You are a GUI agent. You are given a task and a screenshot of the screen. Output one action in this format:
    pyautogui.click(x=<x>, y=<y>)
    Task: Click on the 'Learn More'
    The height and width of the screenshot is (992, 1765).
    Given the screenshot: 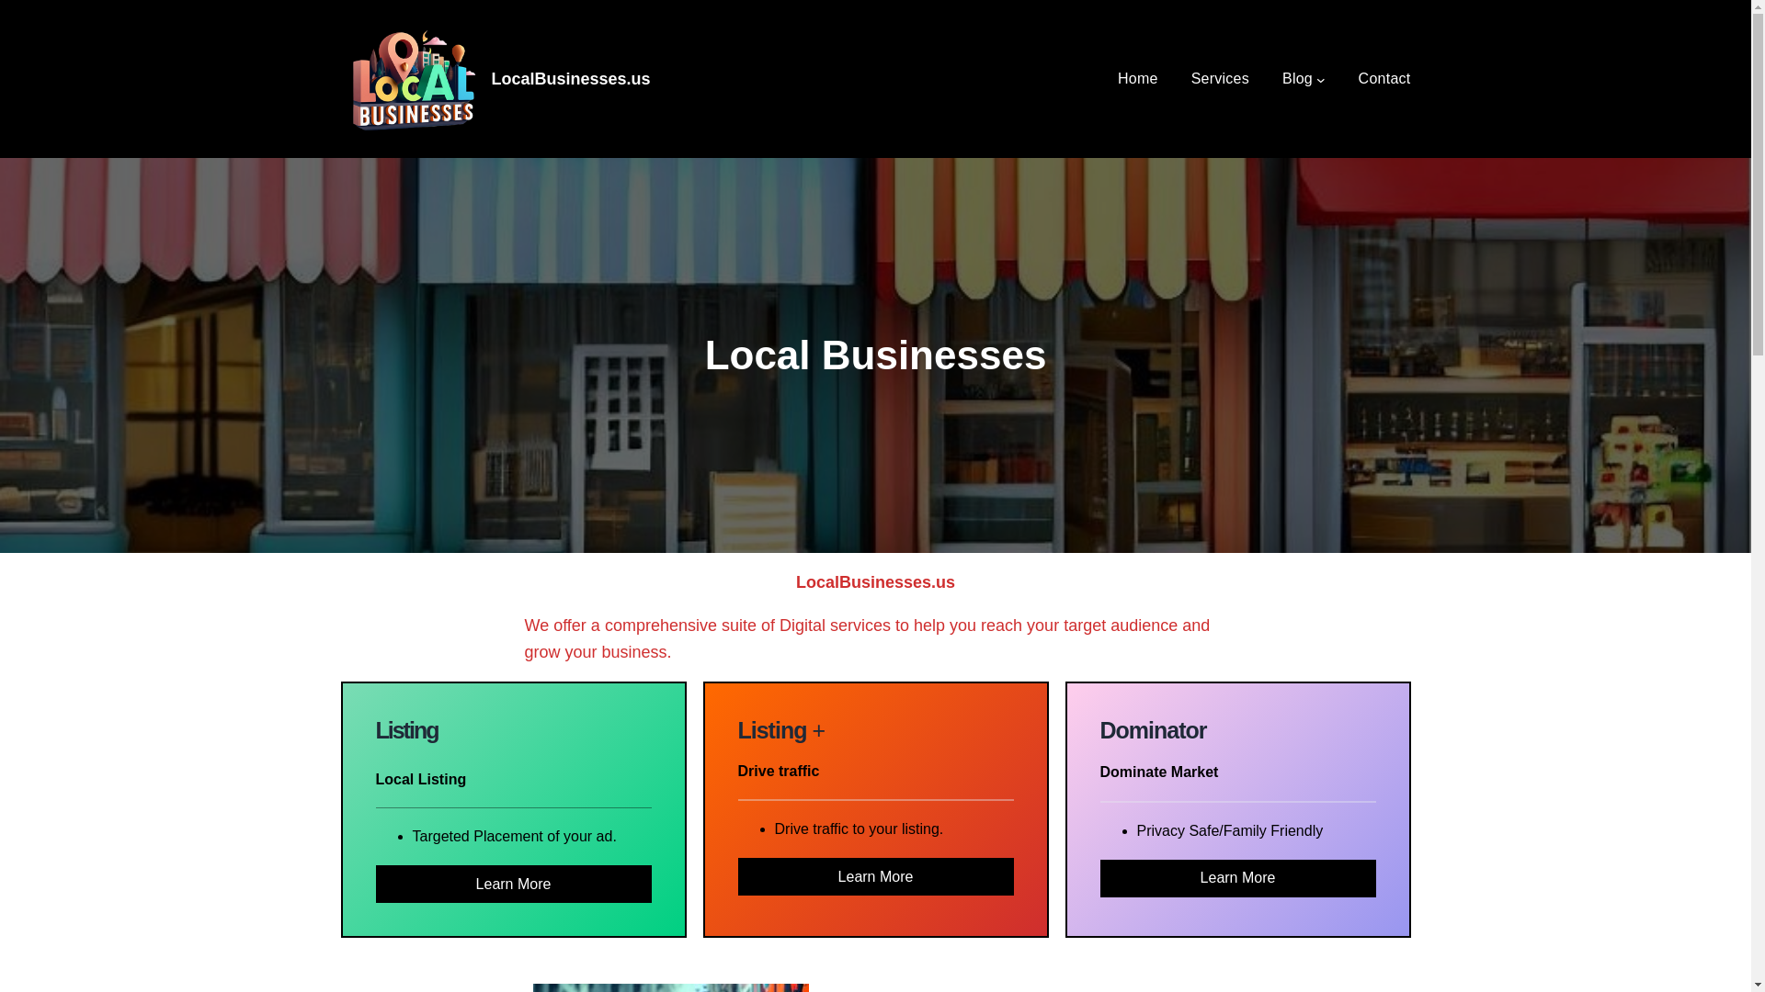 What is the action you would take?
    pyautogui.click(x=512, y=883)
    